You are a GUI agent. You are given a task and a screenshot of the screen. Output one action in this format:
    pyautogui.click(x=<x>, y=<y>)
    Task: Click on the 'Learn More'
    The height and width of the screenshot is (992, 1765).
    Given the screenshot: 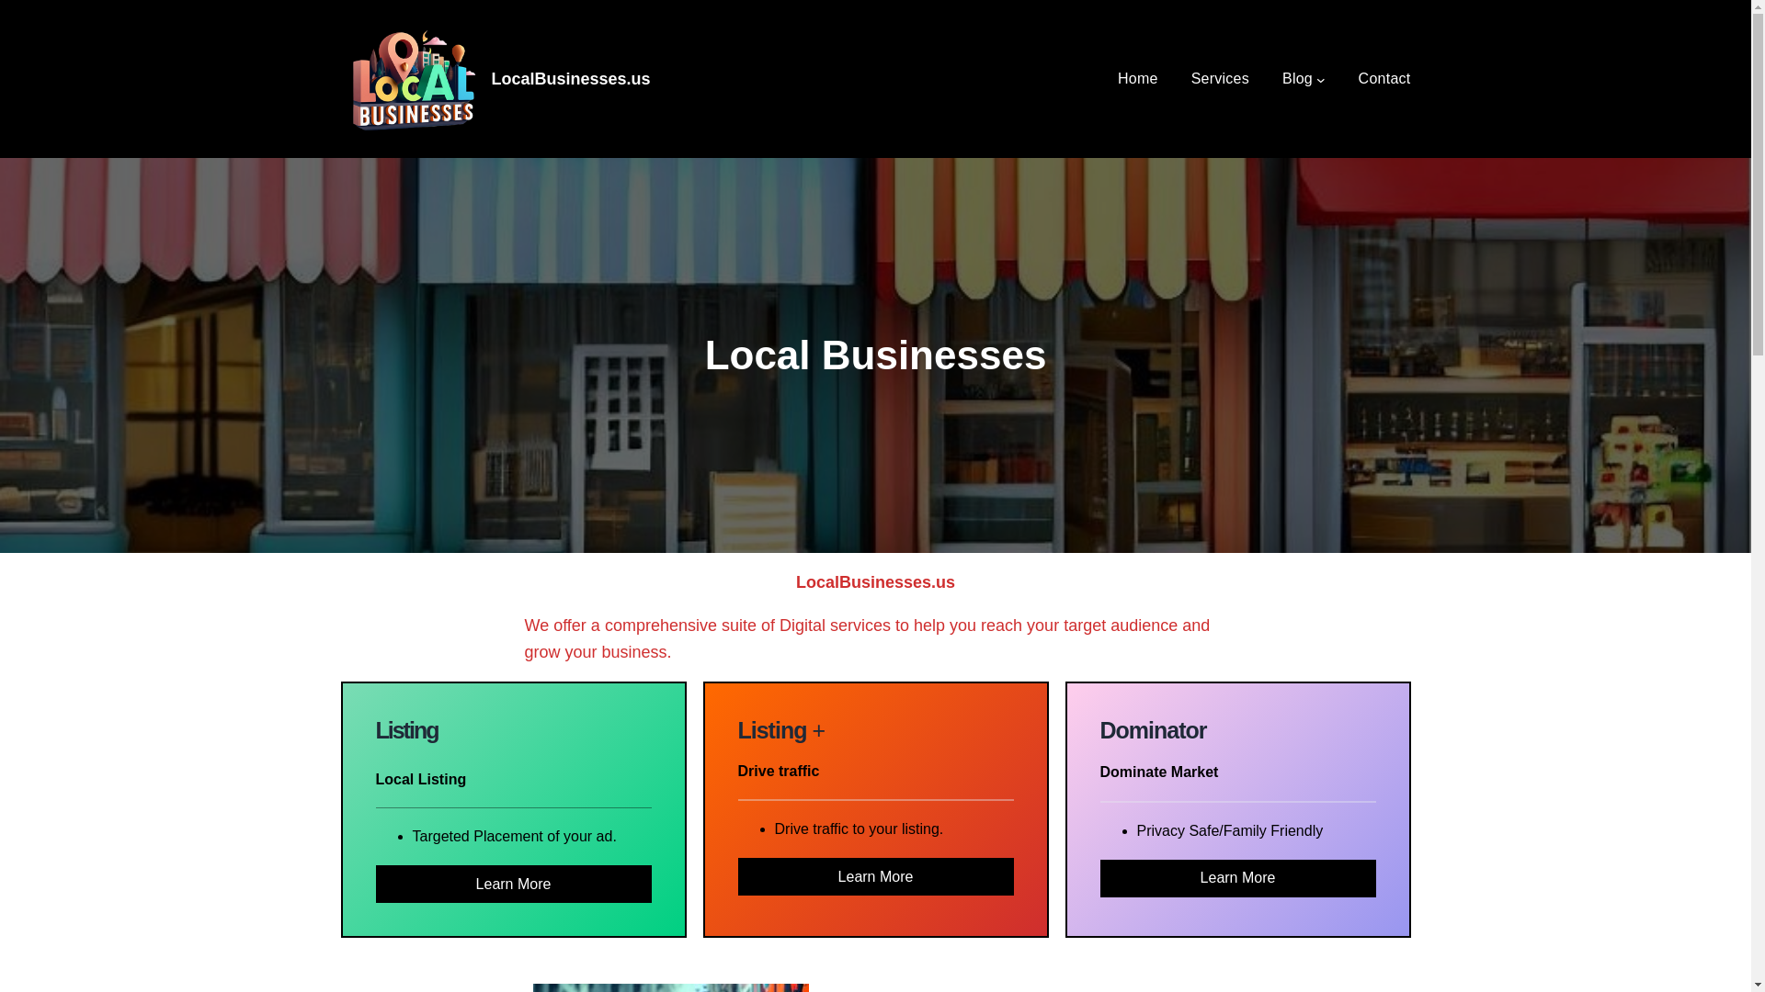 What is the action you would take?
    pyautogui.click(x=512, y=883)
    